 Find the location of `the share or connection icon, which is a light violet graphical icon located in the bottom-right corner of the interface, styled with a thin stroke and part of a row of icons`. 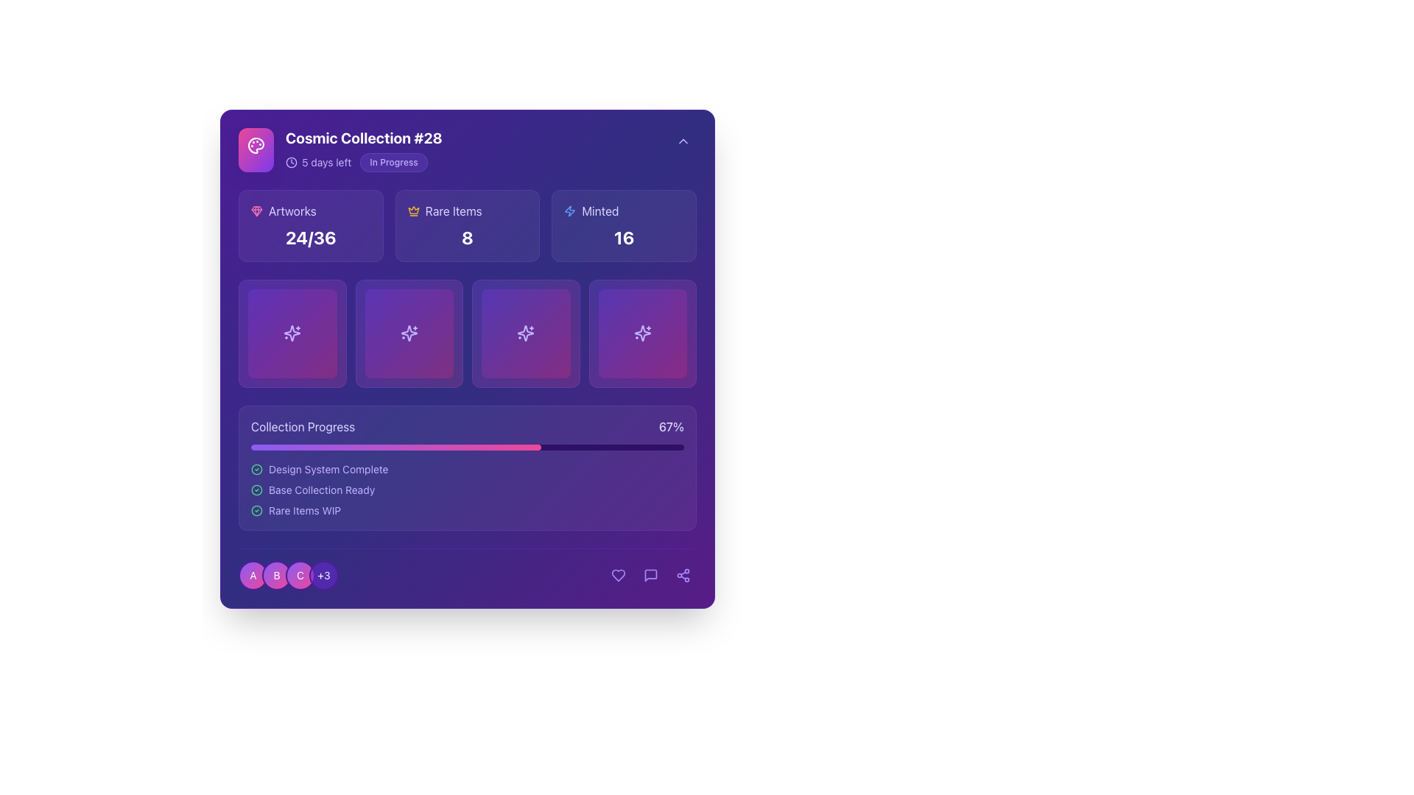

the share or connection icon, which is a light violet graphical icon located in the bottom-right corner of the interface, styled with a thin stroke and part of a row of icons is located at coordinates (682, 573).